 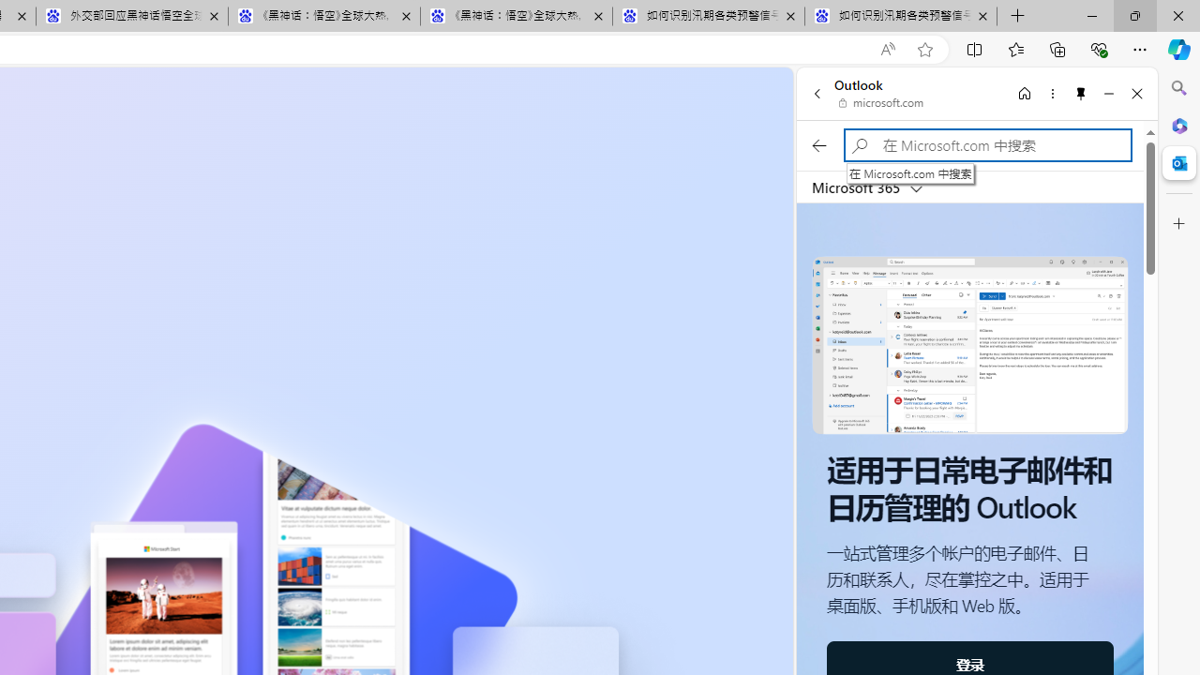 I want to click on 'Read aloud this page (Ctrl+Shift+U)', so click(x=886, y=49).